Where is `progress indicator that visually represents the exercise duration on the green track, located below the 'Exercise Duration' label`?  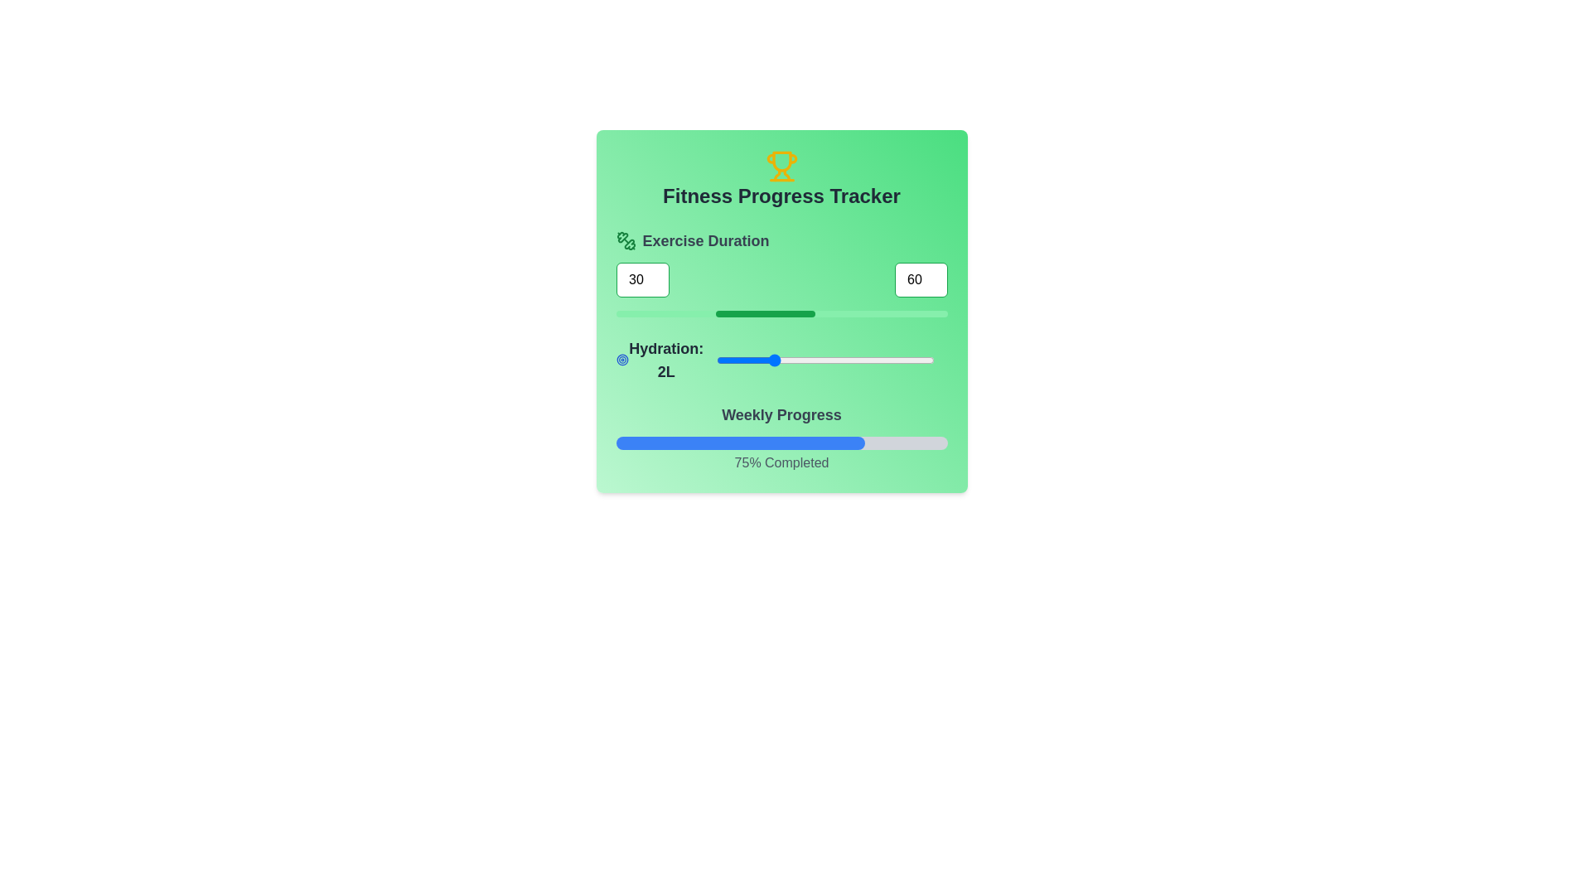
progress indicator that visually represents the exercise duration on the green track, located below the 'Exercise Duration' label is located at coordinates (764, 313).